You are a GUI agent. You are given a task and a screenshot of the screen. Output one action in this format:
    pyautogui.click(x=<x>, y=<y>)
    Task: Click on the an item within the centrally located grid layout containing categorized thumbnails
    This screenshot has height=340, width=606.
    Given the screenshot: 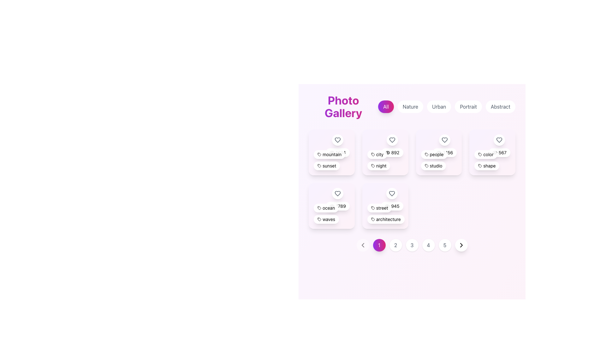 What is the action you would take?
    pyautogui.click(x=412, y=173)
    